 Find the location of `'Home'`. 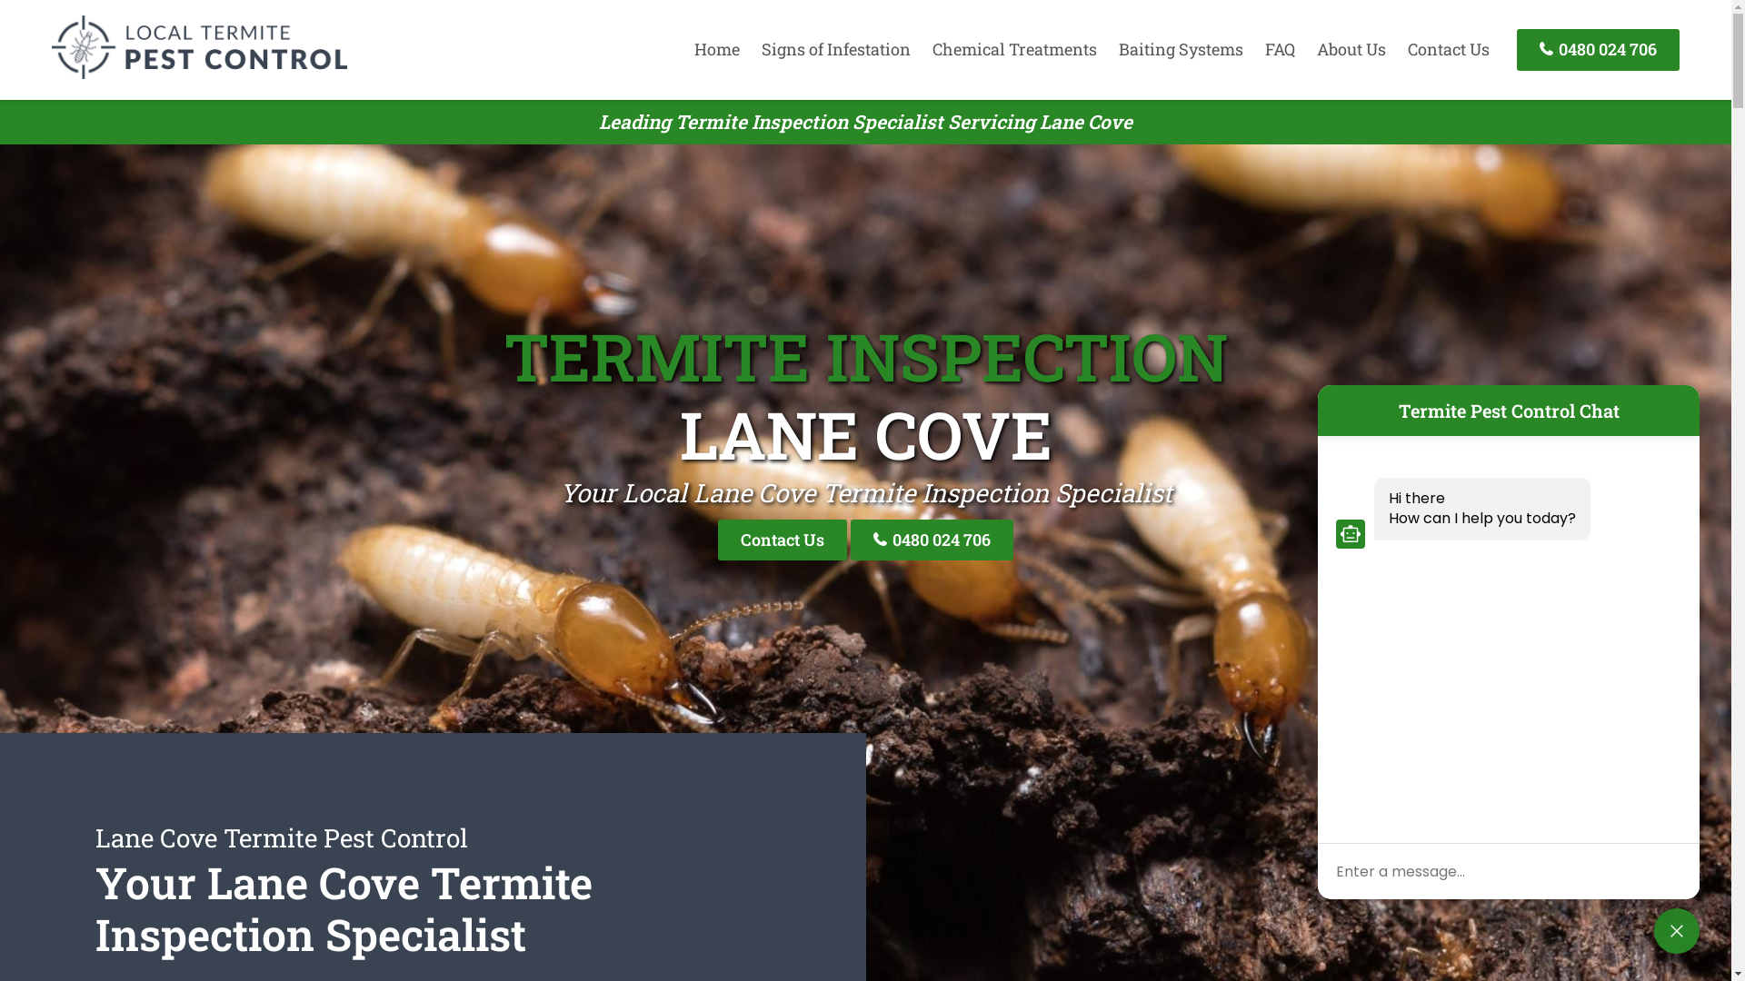

'Home' is located at coordinates (715, 48).